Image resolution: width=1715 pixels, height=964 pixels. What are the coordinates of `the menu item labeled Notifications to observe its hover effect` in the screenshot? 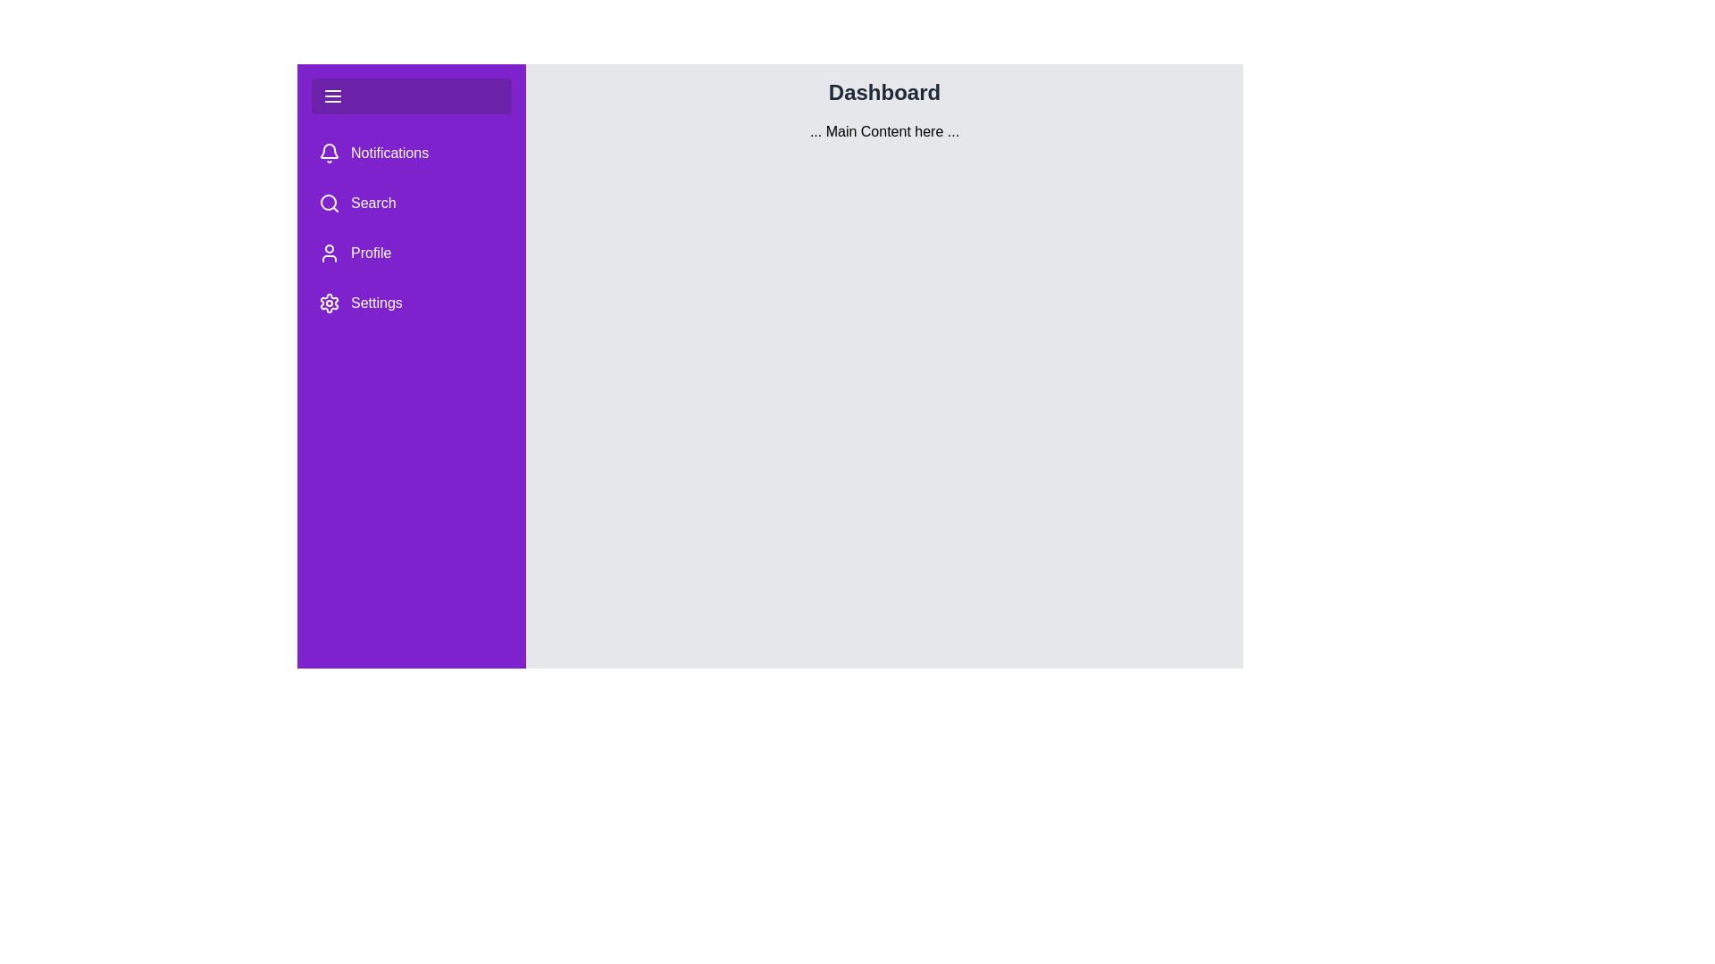 It's located at (410, 153).